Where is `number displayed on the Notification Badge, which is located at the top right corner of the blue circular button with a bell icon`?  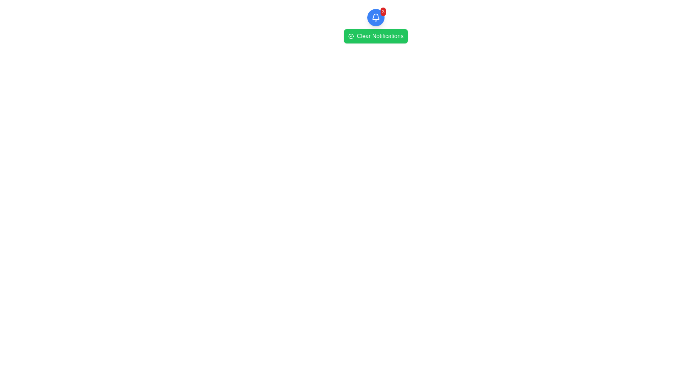
number displayed on the Notification Badge, which is located at the top right corner of the blue circular button with a bell icon is located at coordinates (383, 12).